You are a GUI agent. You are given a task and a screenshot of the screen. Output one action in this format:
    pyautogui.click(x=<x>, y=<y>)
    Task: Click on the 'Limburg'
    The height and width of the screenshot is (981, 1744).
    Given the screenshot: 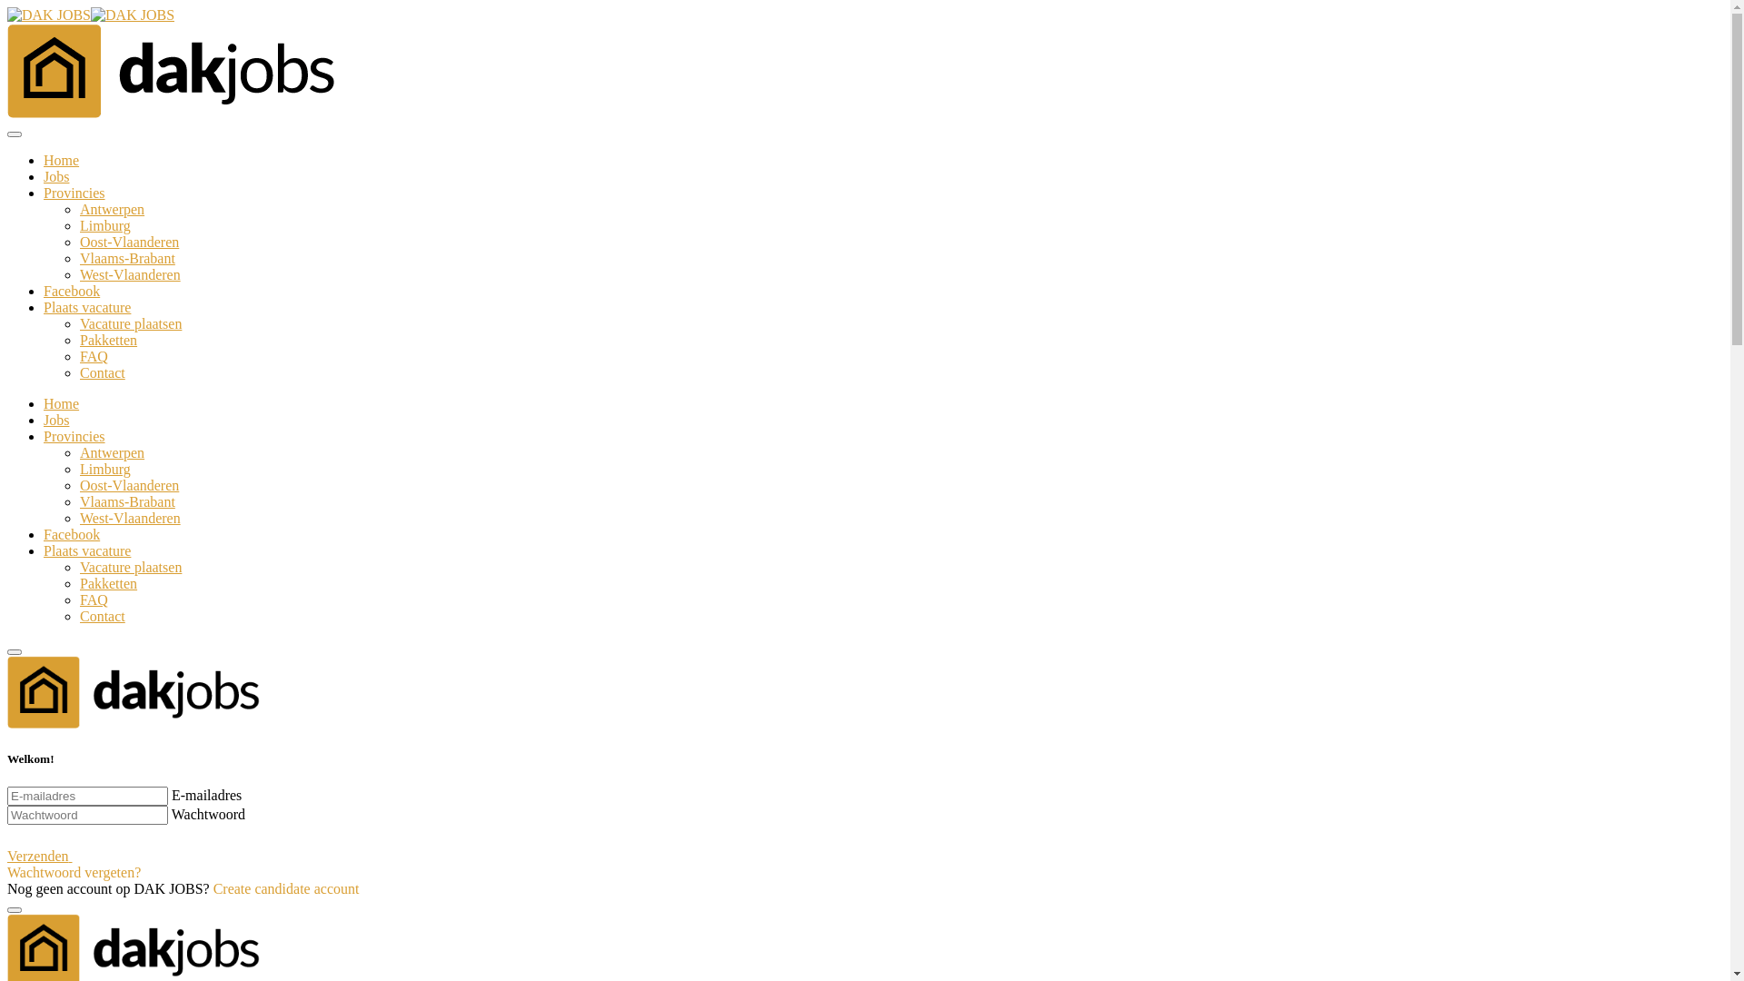 What is the action you would take?
    pyautogui.click(x=104, y=224)
    